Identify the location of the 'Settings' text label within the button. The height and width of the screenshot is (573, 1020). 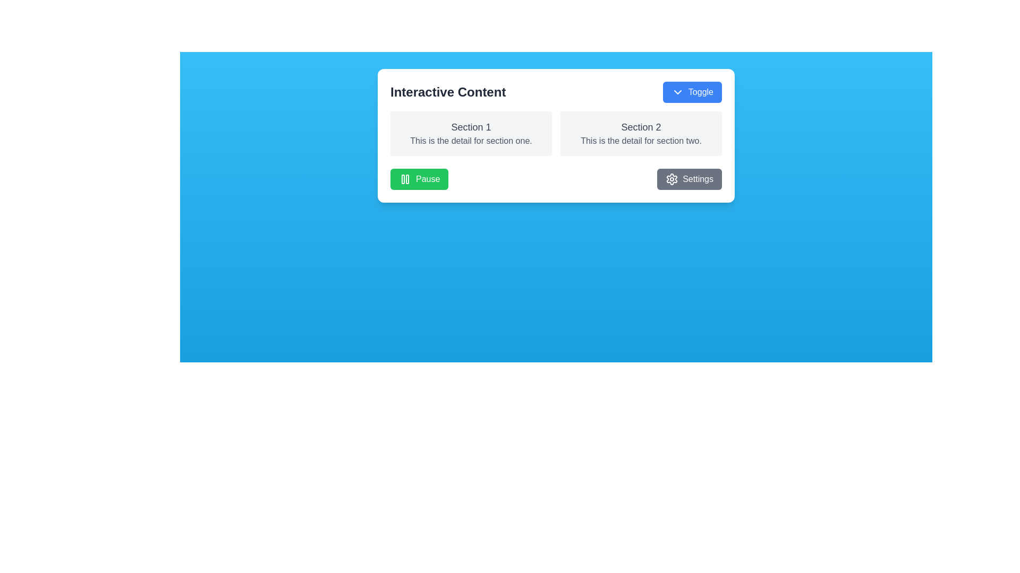
(698, 179).